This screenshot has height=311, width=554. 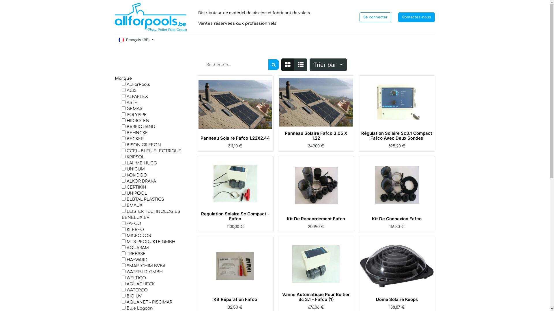 I want to click on 'Rechercher', so click(x=273, y=65).